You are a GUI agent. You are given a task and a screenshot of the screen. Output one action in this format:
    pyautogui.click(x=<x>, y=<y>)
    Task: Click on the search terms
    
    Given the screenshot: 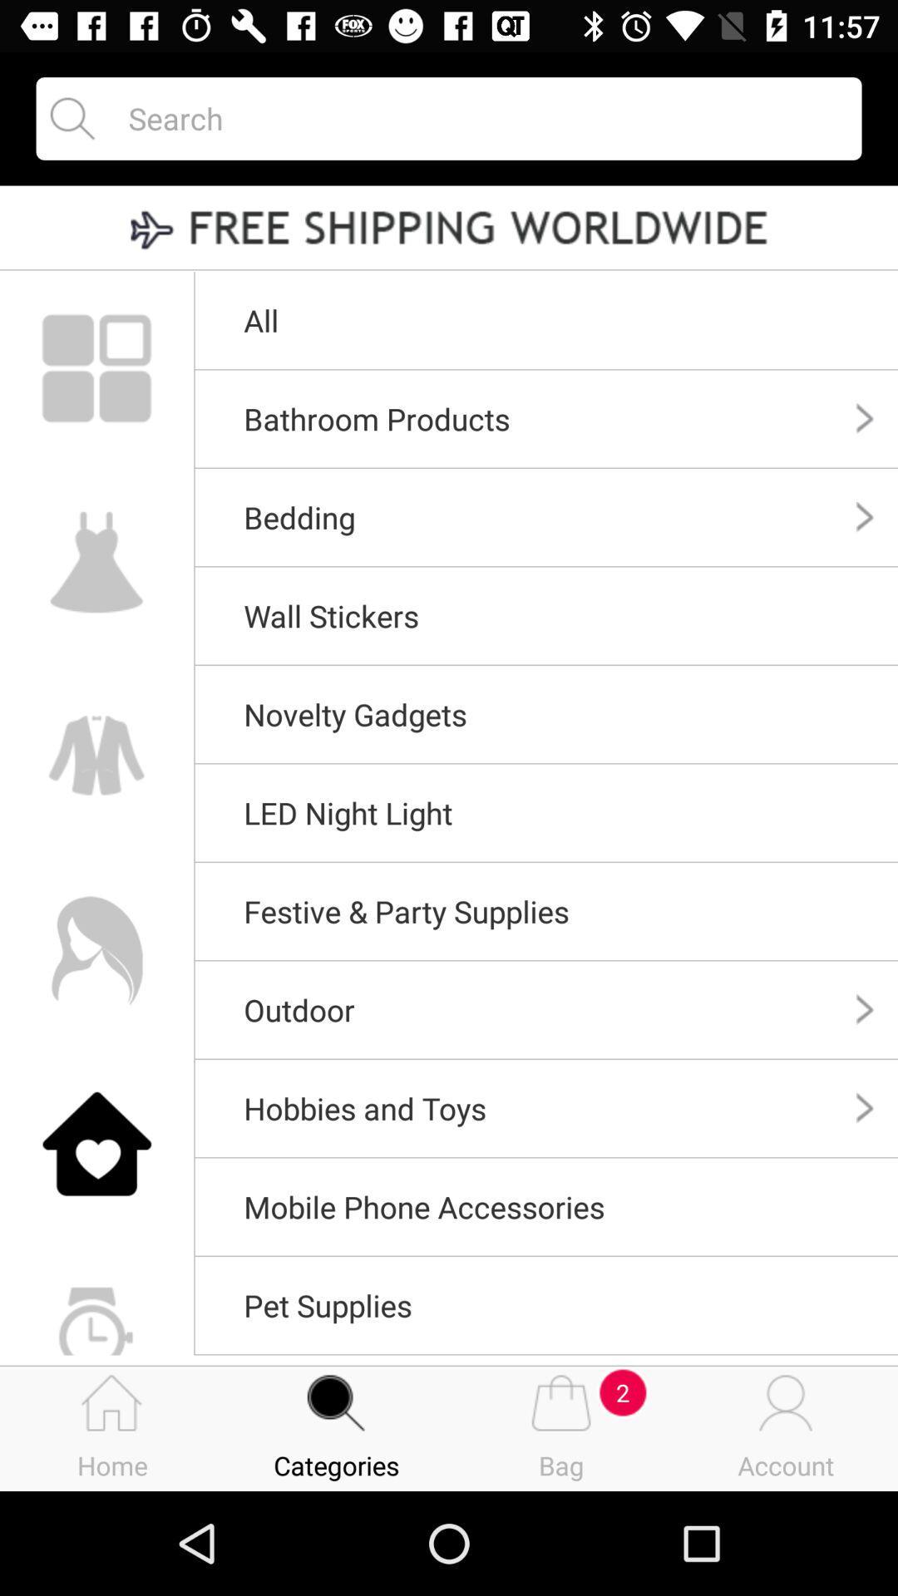 What is the action you would take?
    pyautogui.click(x=480, y=117)
    